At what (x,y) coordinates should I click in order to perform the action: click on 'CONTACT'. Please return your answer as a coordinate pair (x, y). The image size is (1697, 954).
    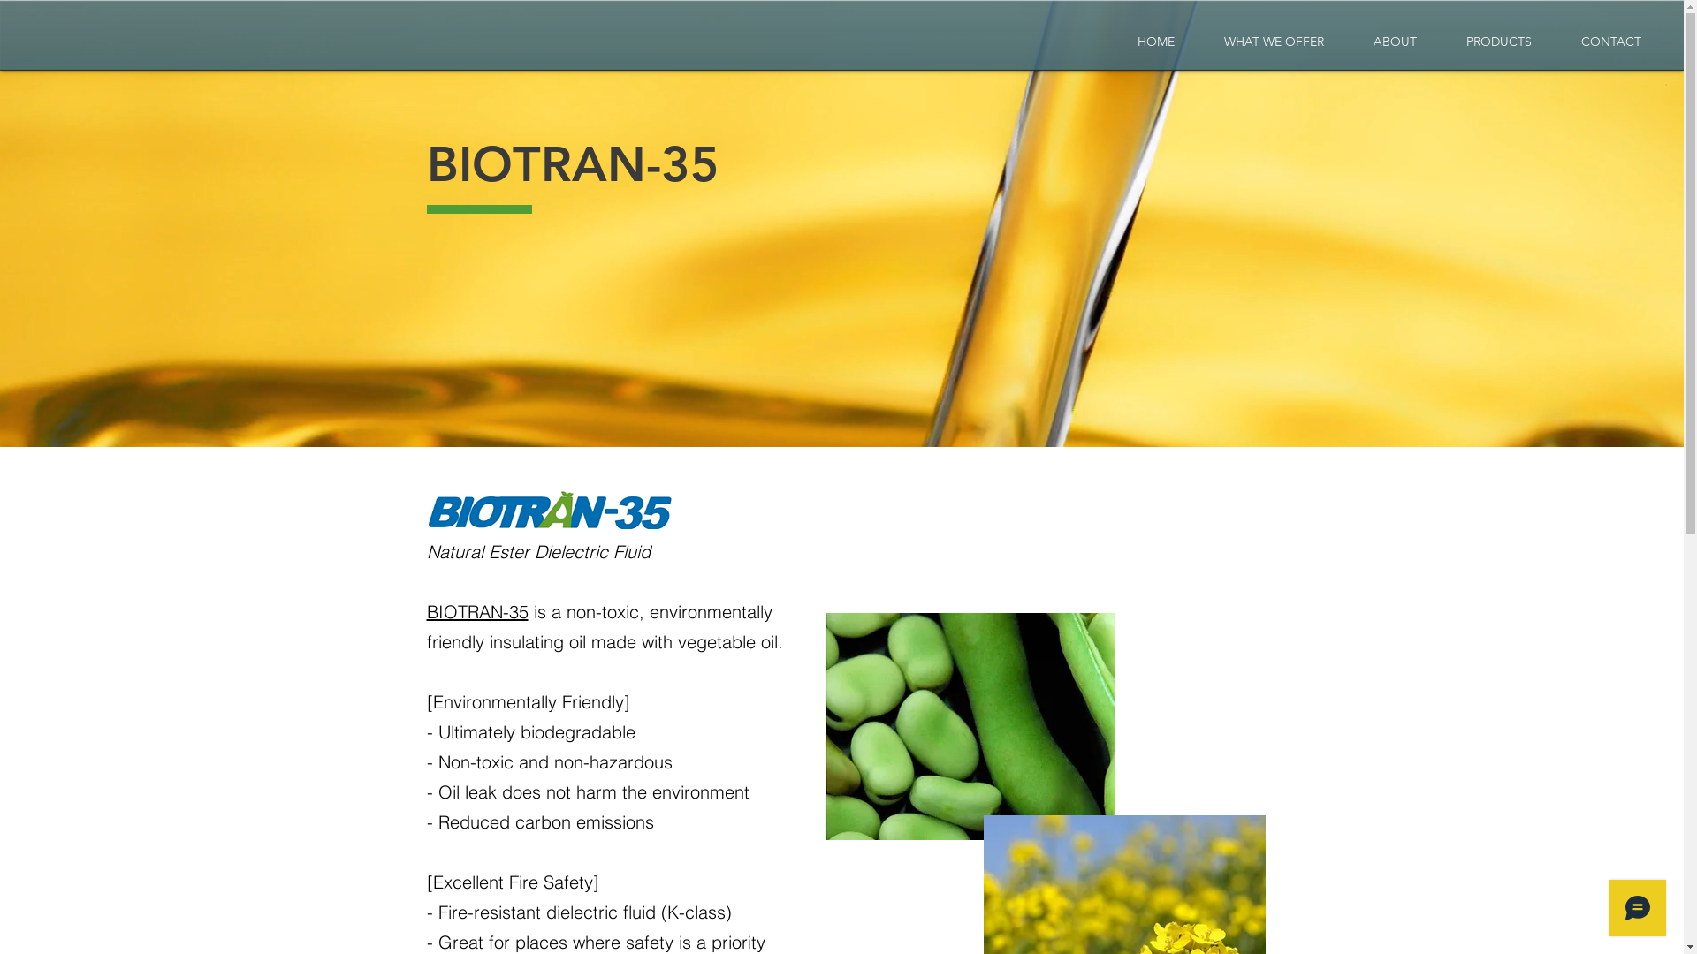
    Looking at the image, I should click on (1611, 41).